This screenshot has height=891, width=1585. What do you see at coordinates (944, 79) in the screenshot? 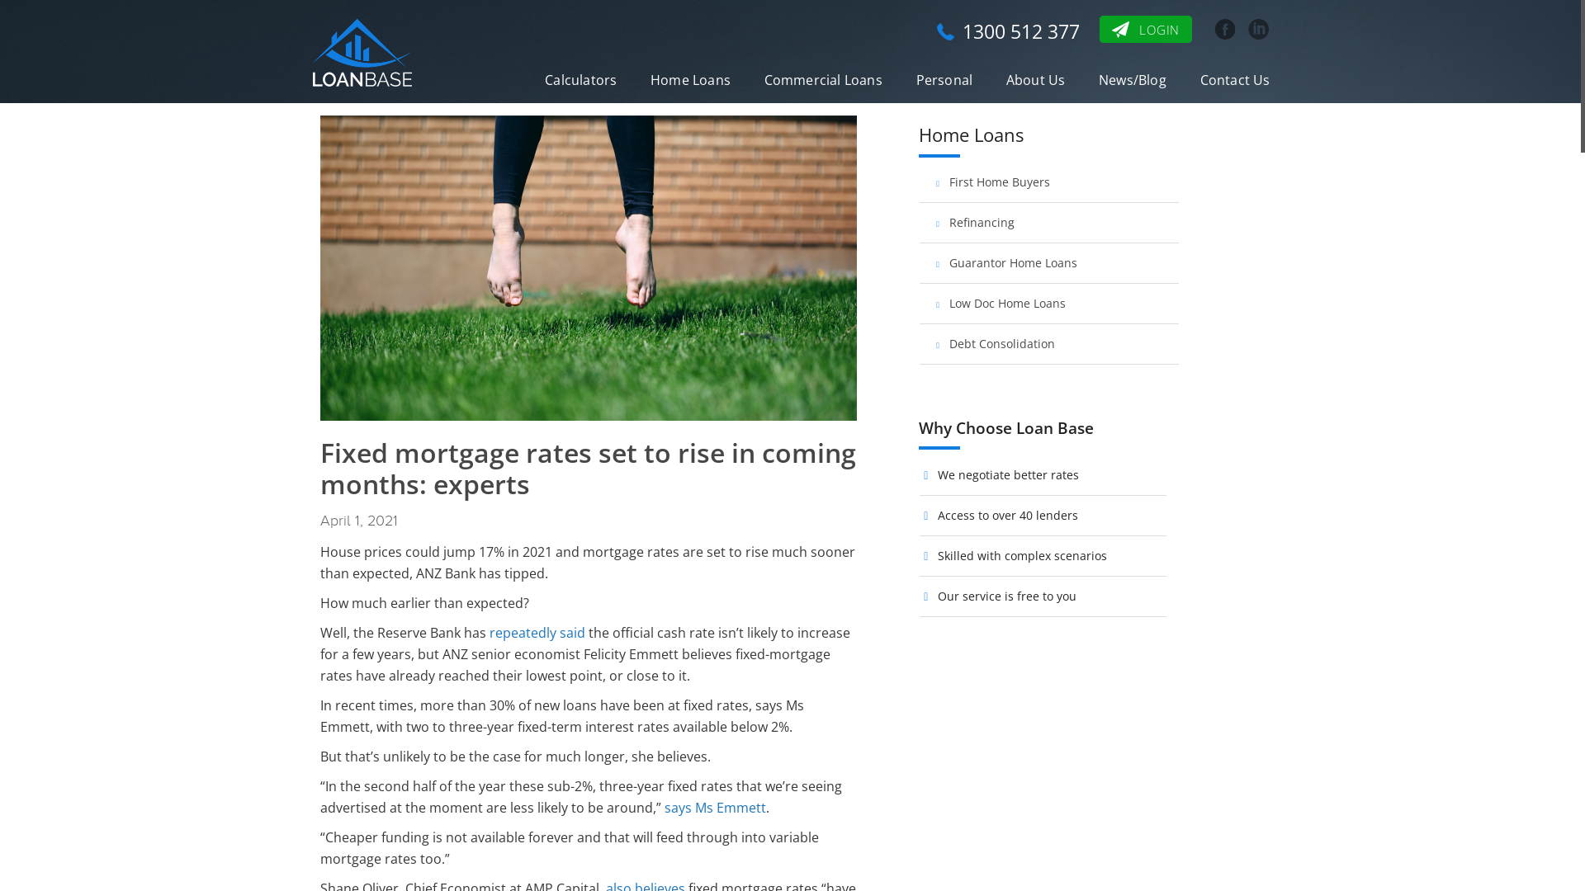
I see `'Personal'` at bounding box center [944, 79].